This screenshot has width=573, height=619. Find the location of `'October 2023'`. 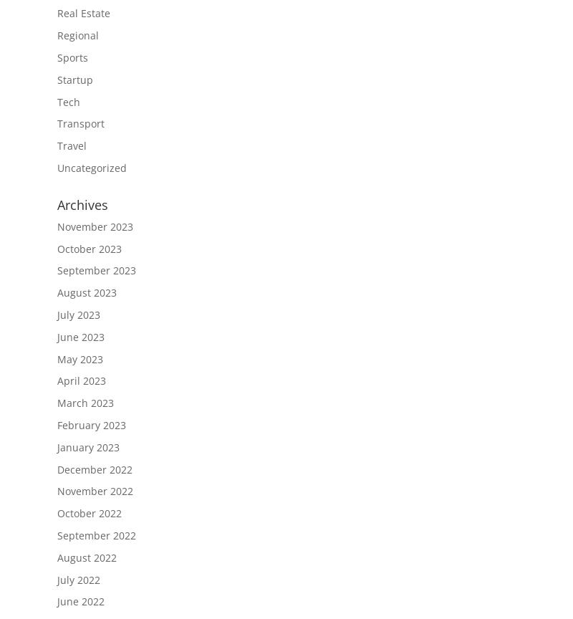

'October 2023' is located at coordinates (57, 247).